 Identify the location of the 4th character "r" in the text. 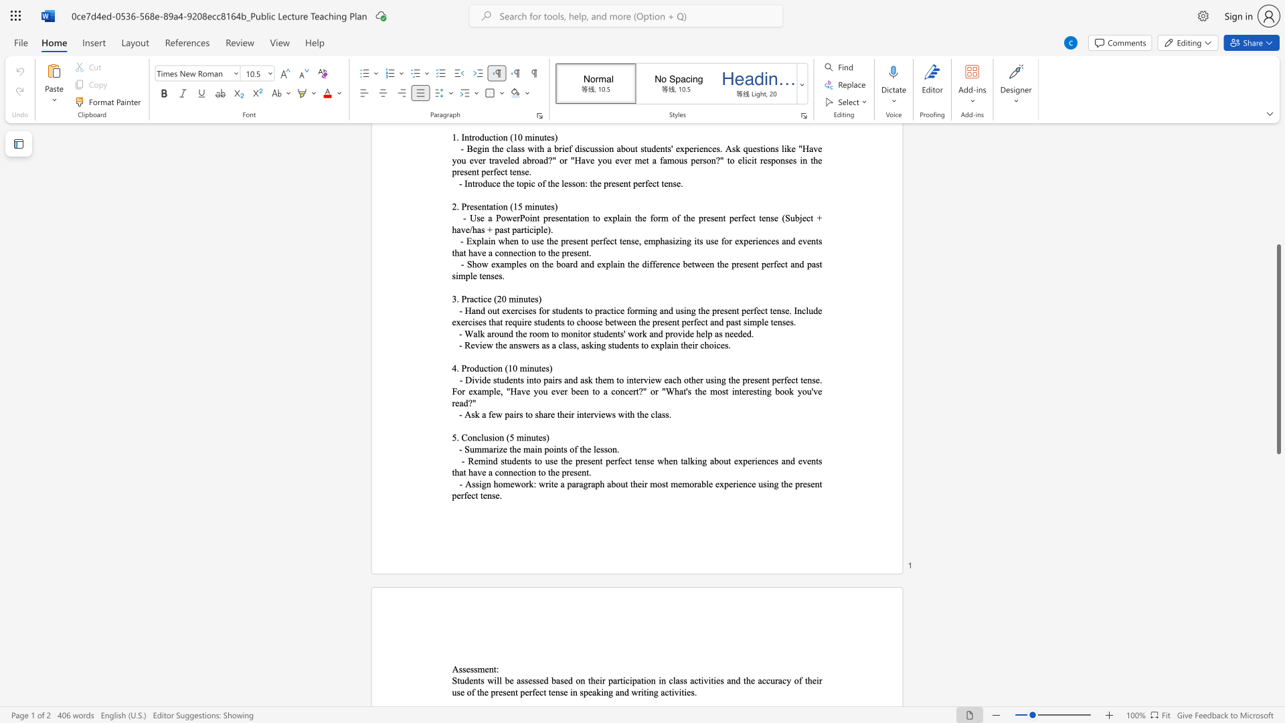
(568, 471).